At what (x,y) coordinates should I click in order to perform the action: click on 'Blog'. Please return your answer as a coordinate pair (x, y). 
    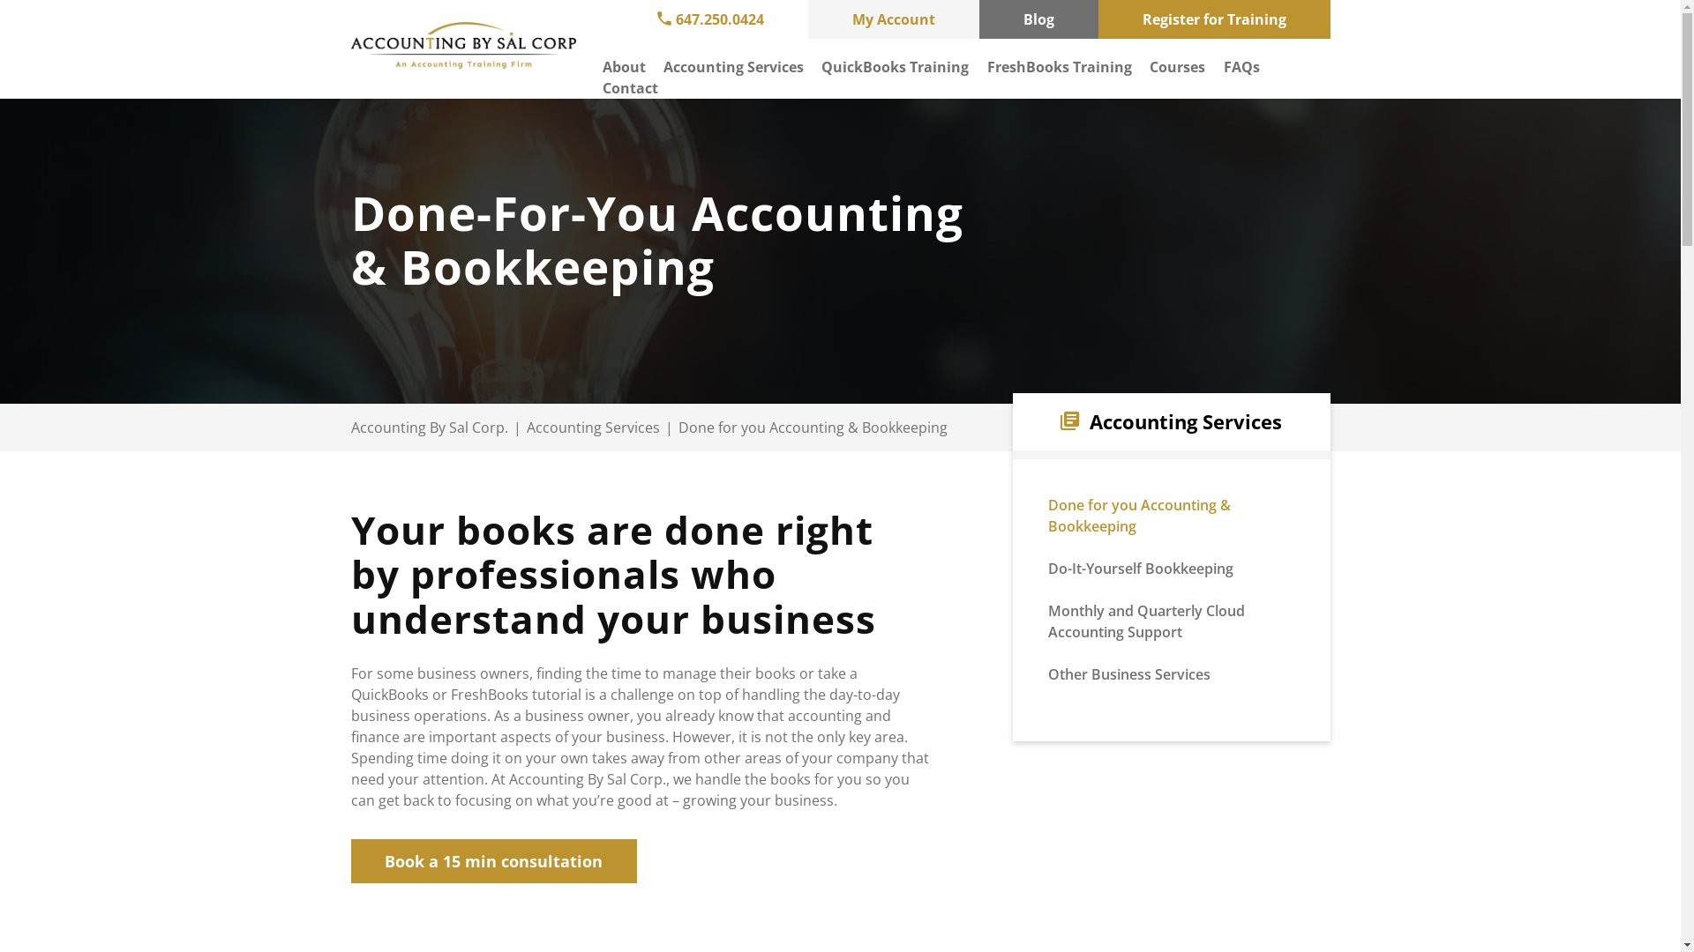
    Looking at the image, I should click on (1038, 19).